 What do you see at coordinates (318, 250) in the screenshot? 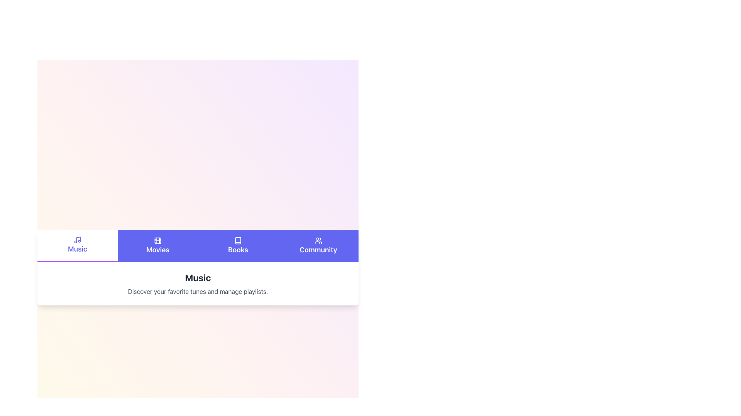
I see `the 'Community' text label which is styled with a large font size and bold emphasis, located in the fourth position of a horizontal navigation bar with a purple background` at bounding box center [318, 250].